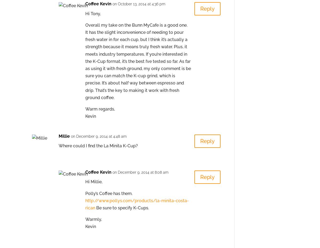  I want to click on 'on December 9, 2014 at 4:48 am', so click(99, 136).